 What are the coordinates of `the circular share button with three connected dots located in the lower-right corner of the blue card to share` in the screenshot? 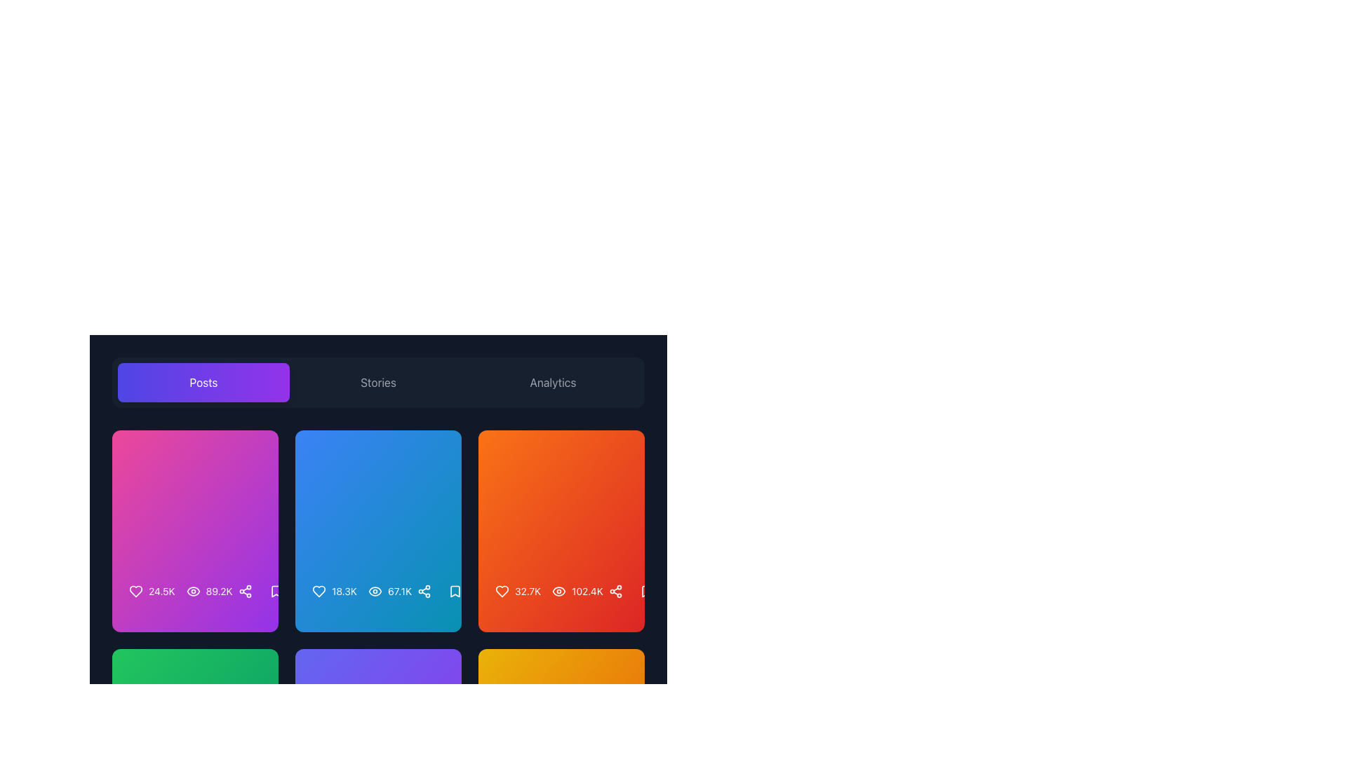 It's located at (423, 592).